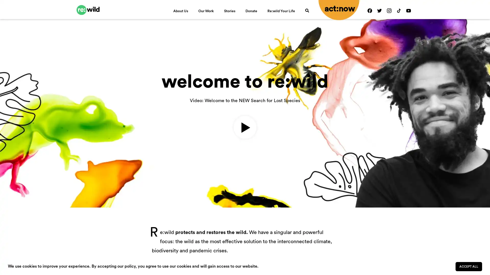  Describe the element at coordinates (12, 172) in the screenshot. I see `play` at that location.